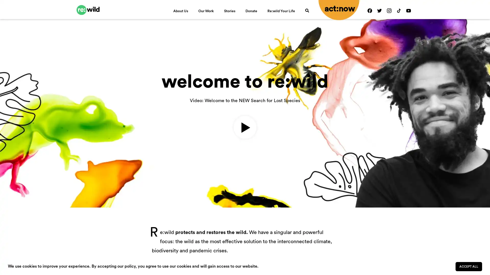  Describe the element at coordinates (12, 172) in the screenshot. I see `play` at that location.